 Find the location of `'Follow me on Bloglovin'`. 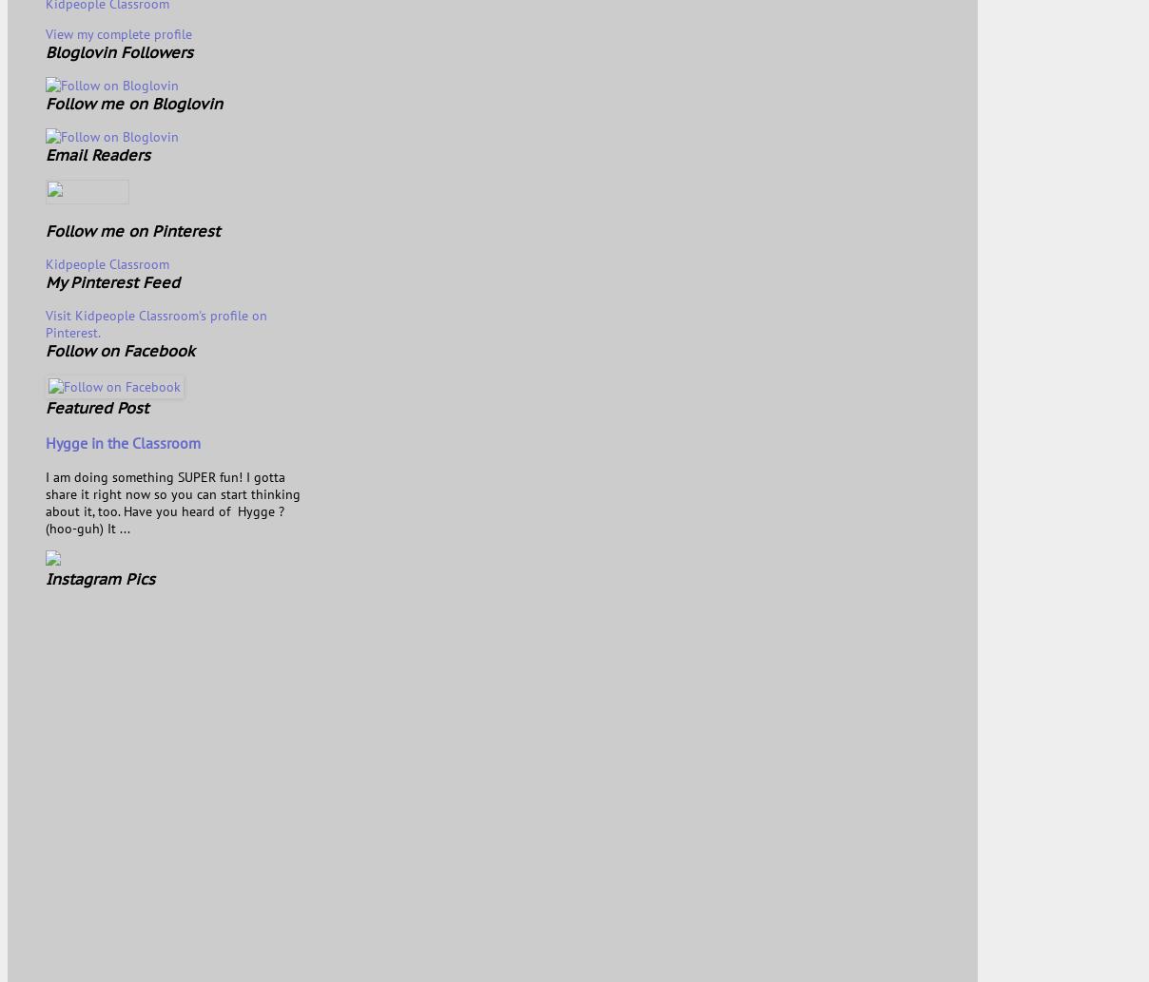

'Follow me on Bloglovin' is located at coordinates (44, 102).